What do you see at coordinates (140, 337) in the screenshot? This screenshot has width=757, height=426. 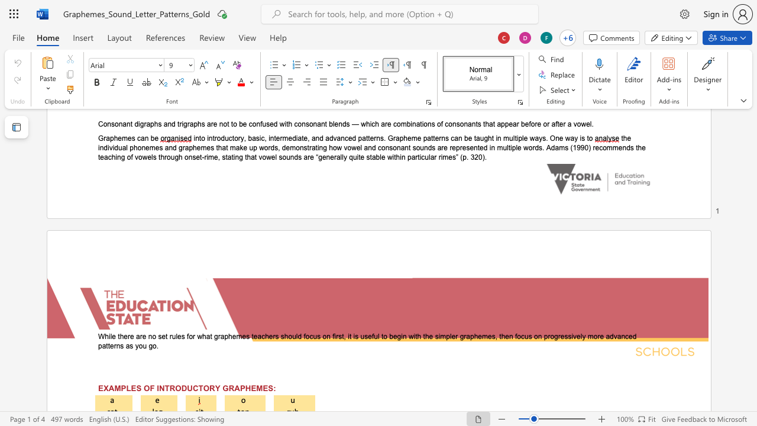 I see `the space between the continuous character "a" and "r" in the text` at bounding box center [140, 337].